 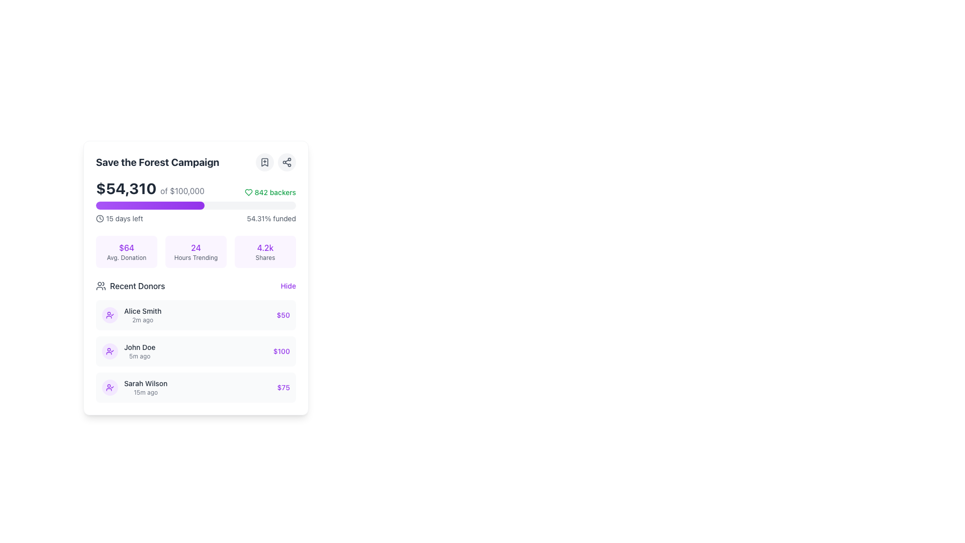 I want to click on the icon representing the recent donor's successful donation completion in the 'Recent Donors' list under the 'Save the Forest Campaign', so click(x=131, y=315).